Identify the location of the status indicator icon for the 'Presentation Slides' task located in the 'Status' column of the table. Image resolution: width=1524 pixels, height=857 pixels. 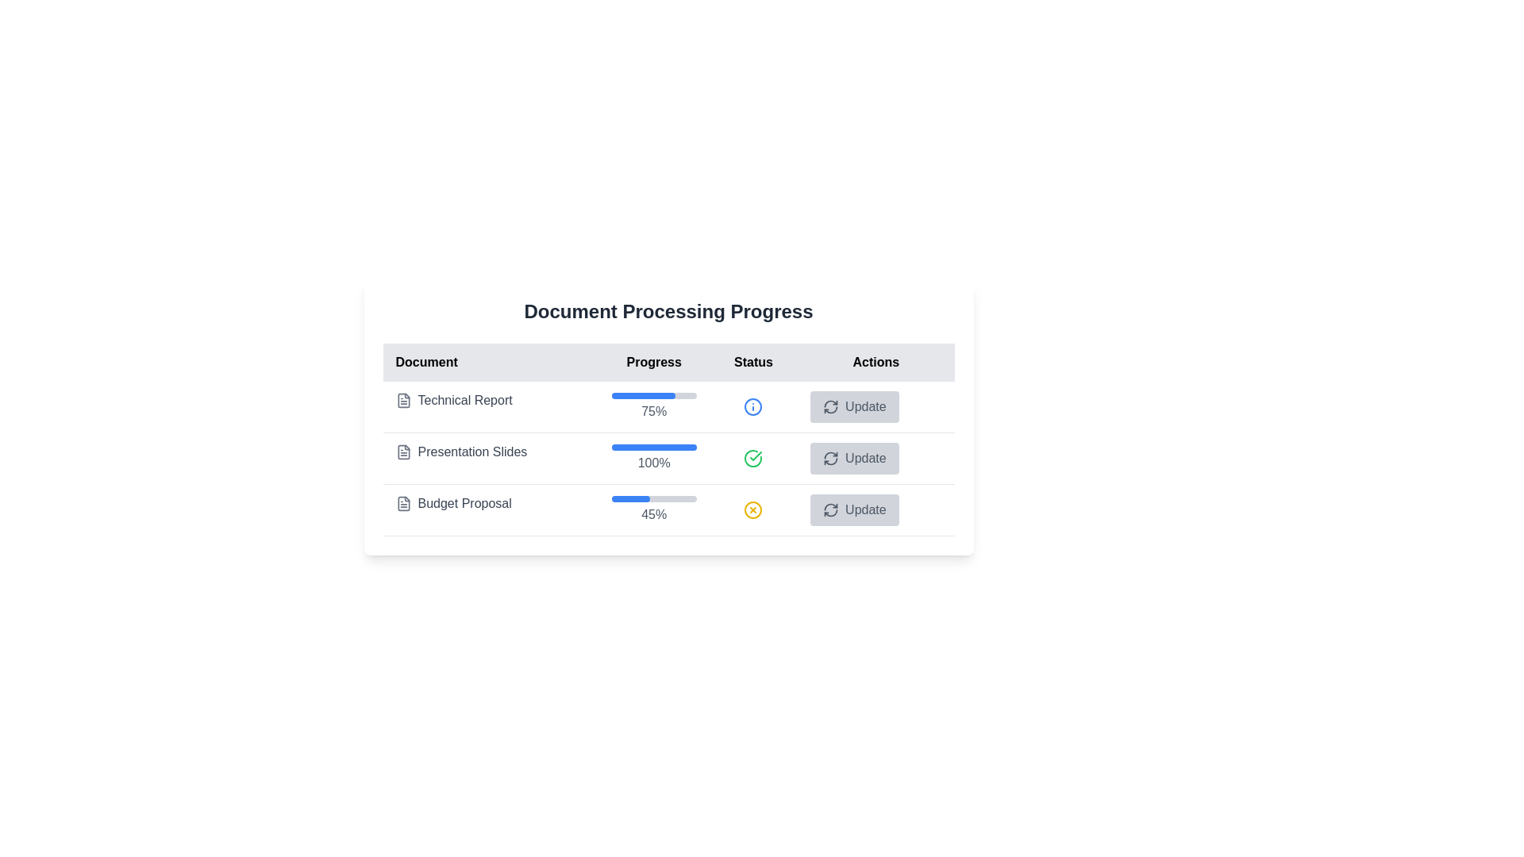
(755, 455).